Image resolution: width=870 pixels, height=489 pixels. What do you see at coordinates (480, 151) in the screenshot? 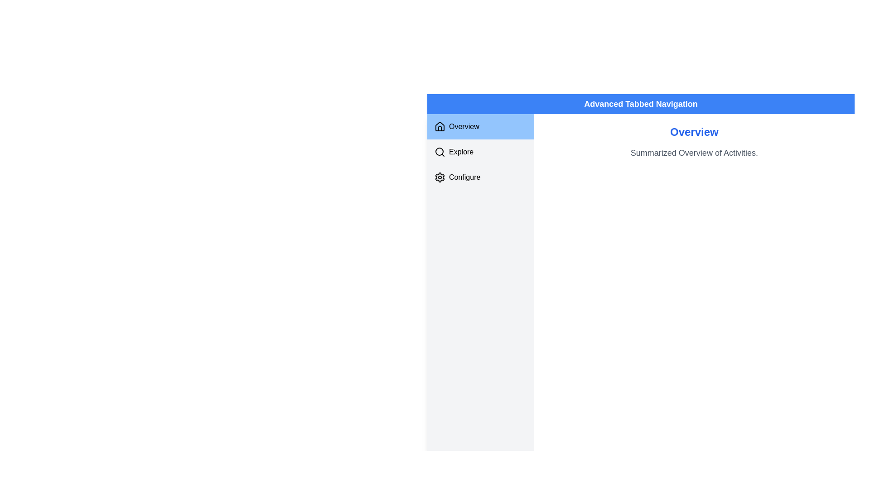
I see `the 'Explore' button in the sidebar navigation to trigger the background color change` at bounding box center [480, 151].